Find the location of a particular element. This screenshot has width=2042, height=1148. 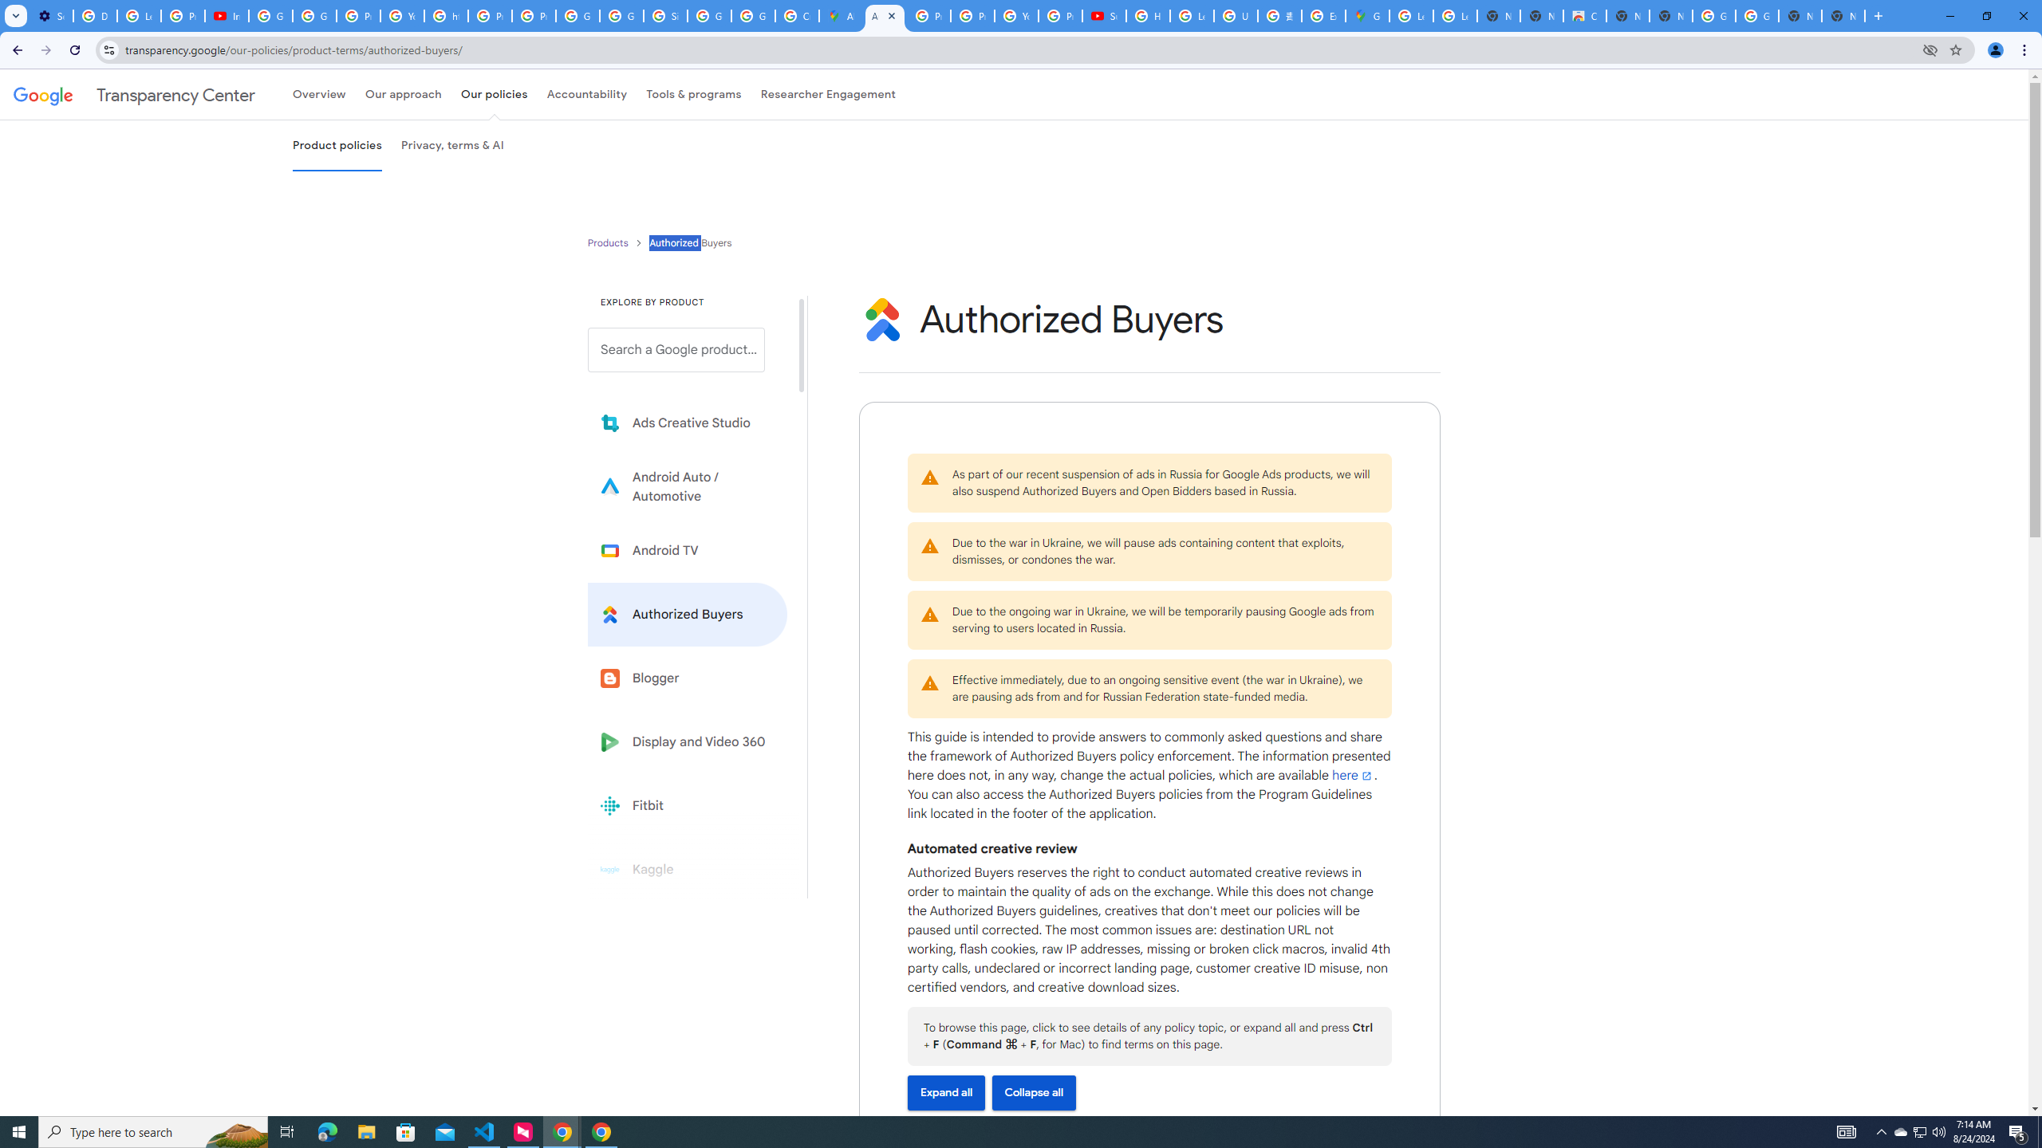

'Researcher Engagement' is located at coordinates (829, 94).